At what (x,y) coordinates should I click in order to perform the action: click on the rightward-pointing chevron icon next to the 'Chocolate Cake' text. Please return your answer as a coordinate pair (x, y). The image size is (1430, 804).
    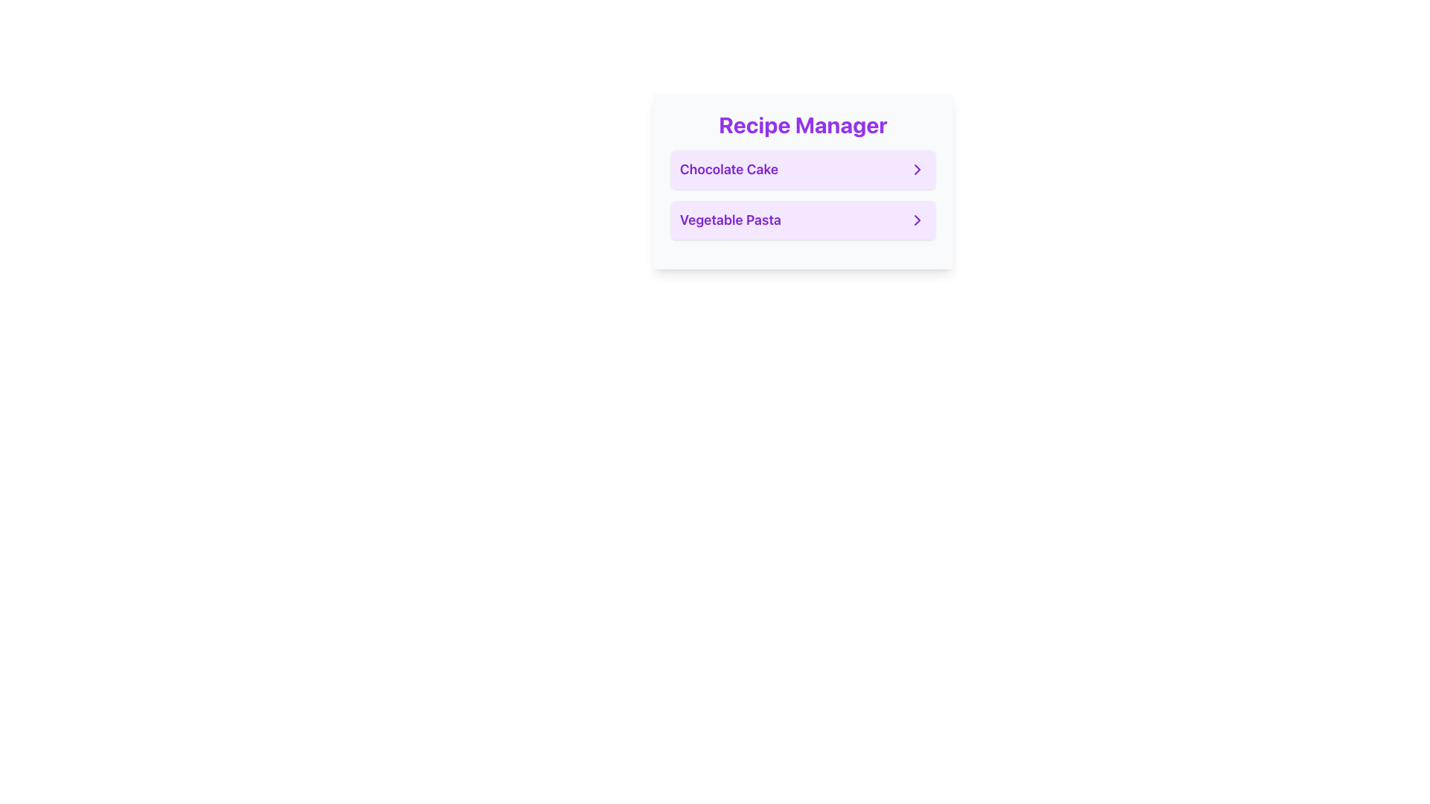
    Looking at the image, I should click on (917, 168).